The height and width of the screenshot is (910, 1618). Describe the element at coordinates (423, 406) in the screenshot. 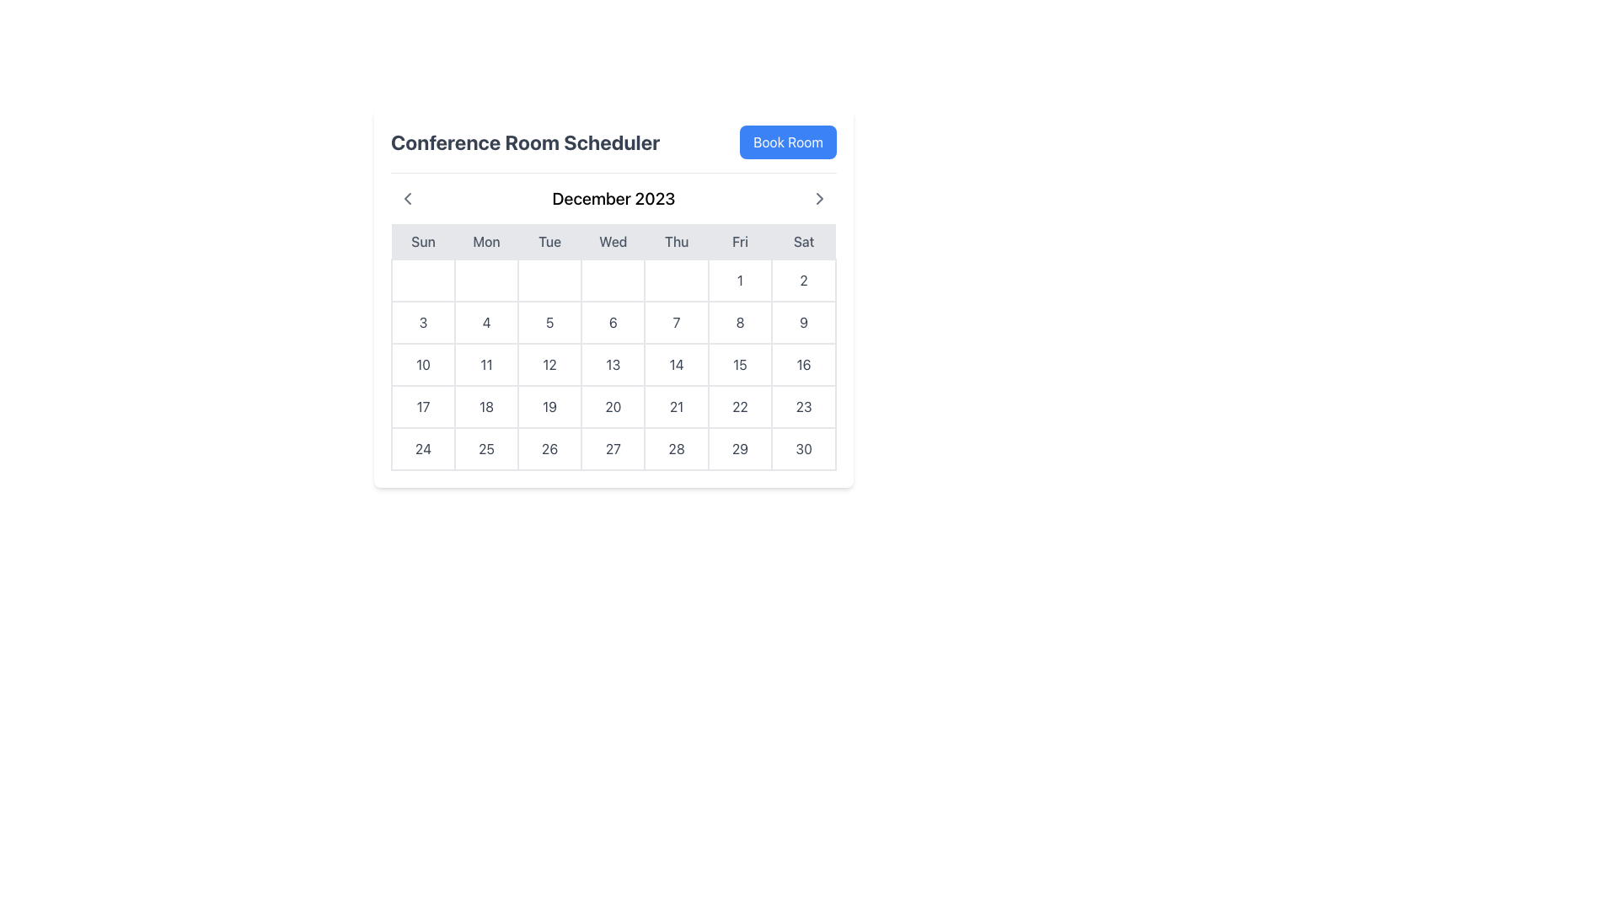

I see `the calendar date cell representing the 17th of the month` at that location.